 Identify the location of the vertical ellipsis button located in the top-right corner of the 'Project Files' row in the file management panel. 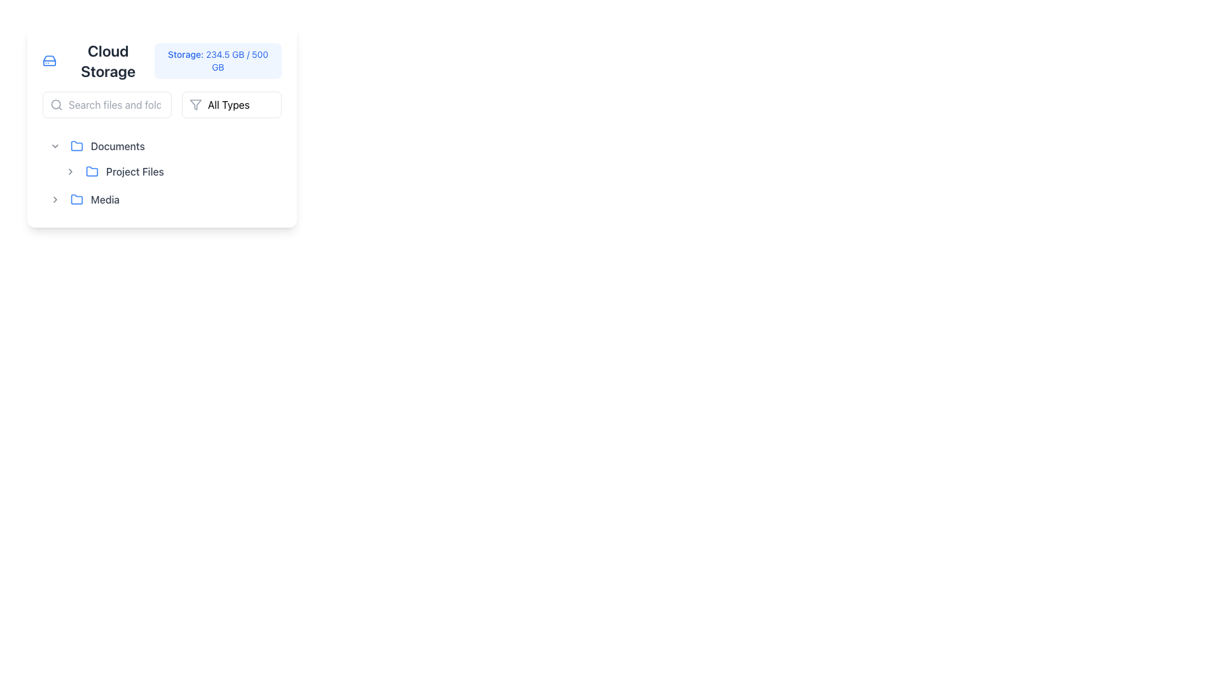
(268, 172).